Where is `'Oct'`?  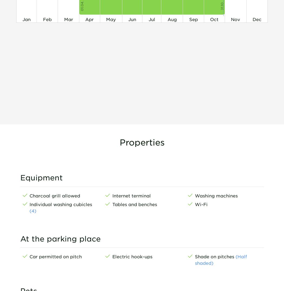 'Oct' is located at coordinates (214, 19).